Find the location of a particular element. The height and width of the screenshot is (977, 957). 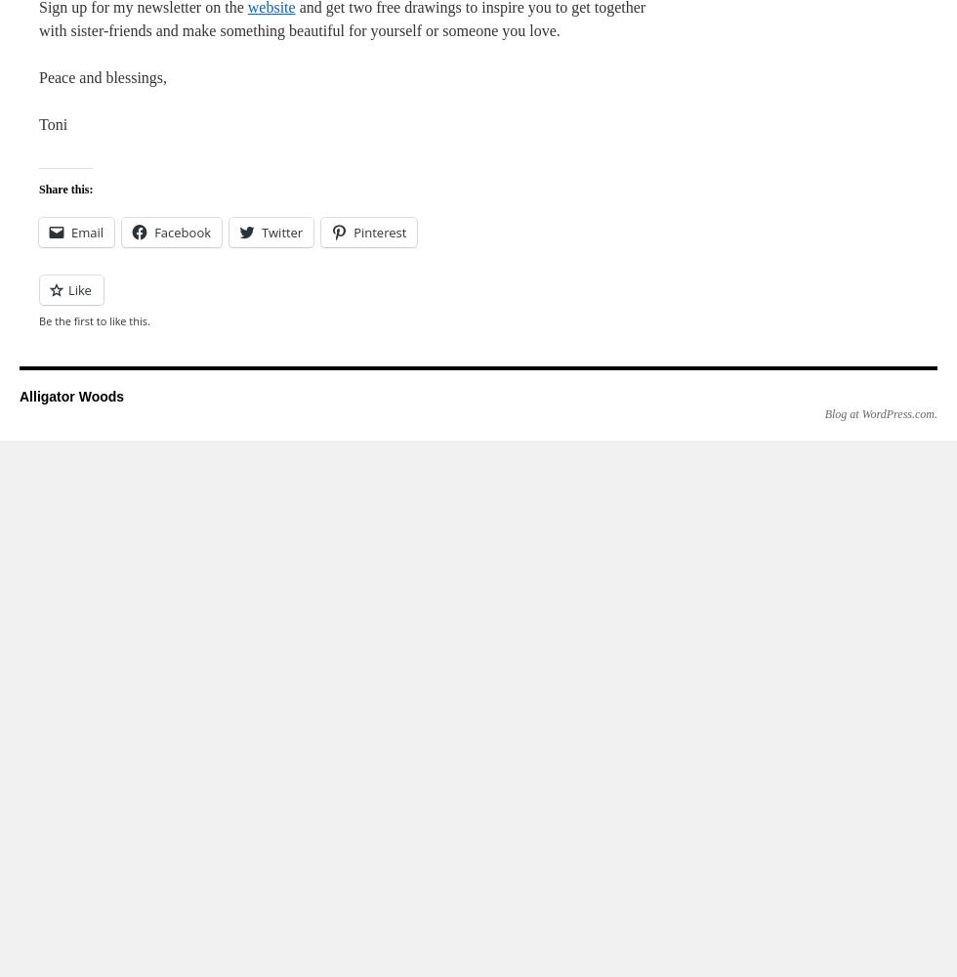

'Pinterest' is located at coordinates (354, 232).